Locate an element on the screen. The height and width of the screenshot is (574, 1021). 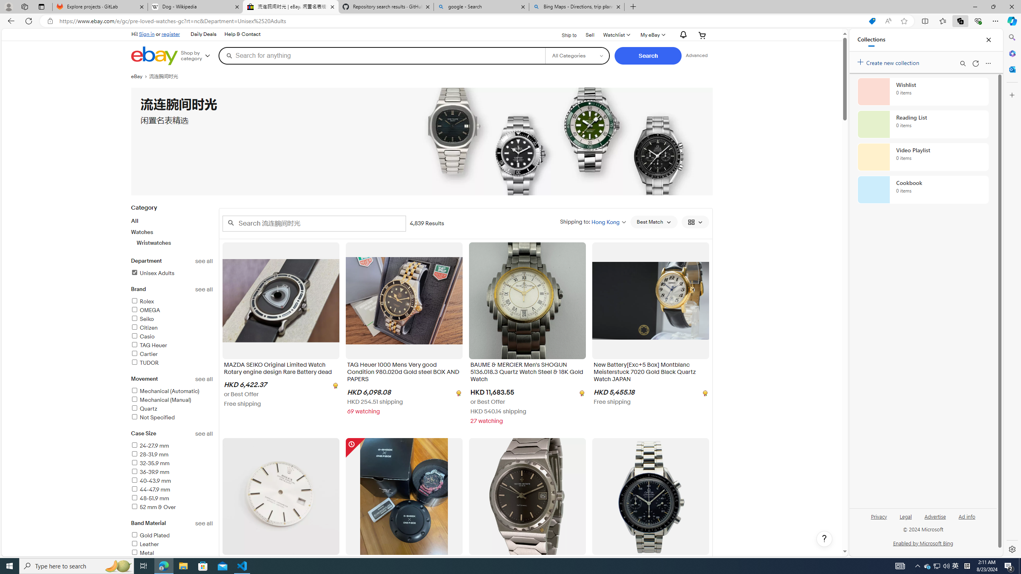
'Casio' is located at coordinates (143, 336).